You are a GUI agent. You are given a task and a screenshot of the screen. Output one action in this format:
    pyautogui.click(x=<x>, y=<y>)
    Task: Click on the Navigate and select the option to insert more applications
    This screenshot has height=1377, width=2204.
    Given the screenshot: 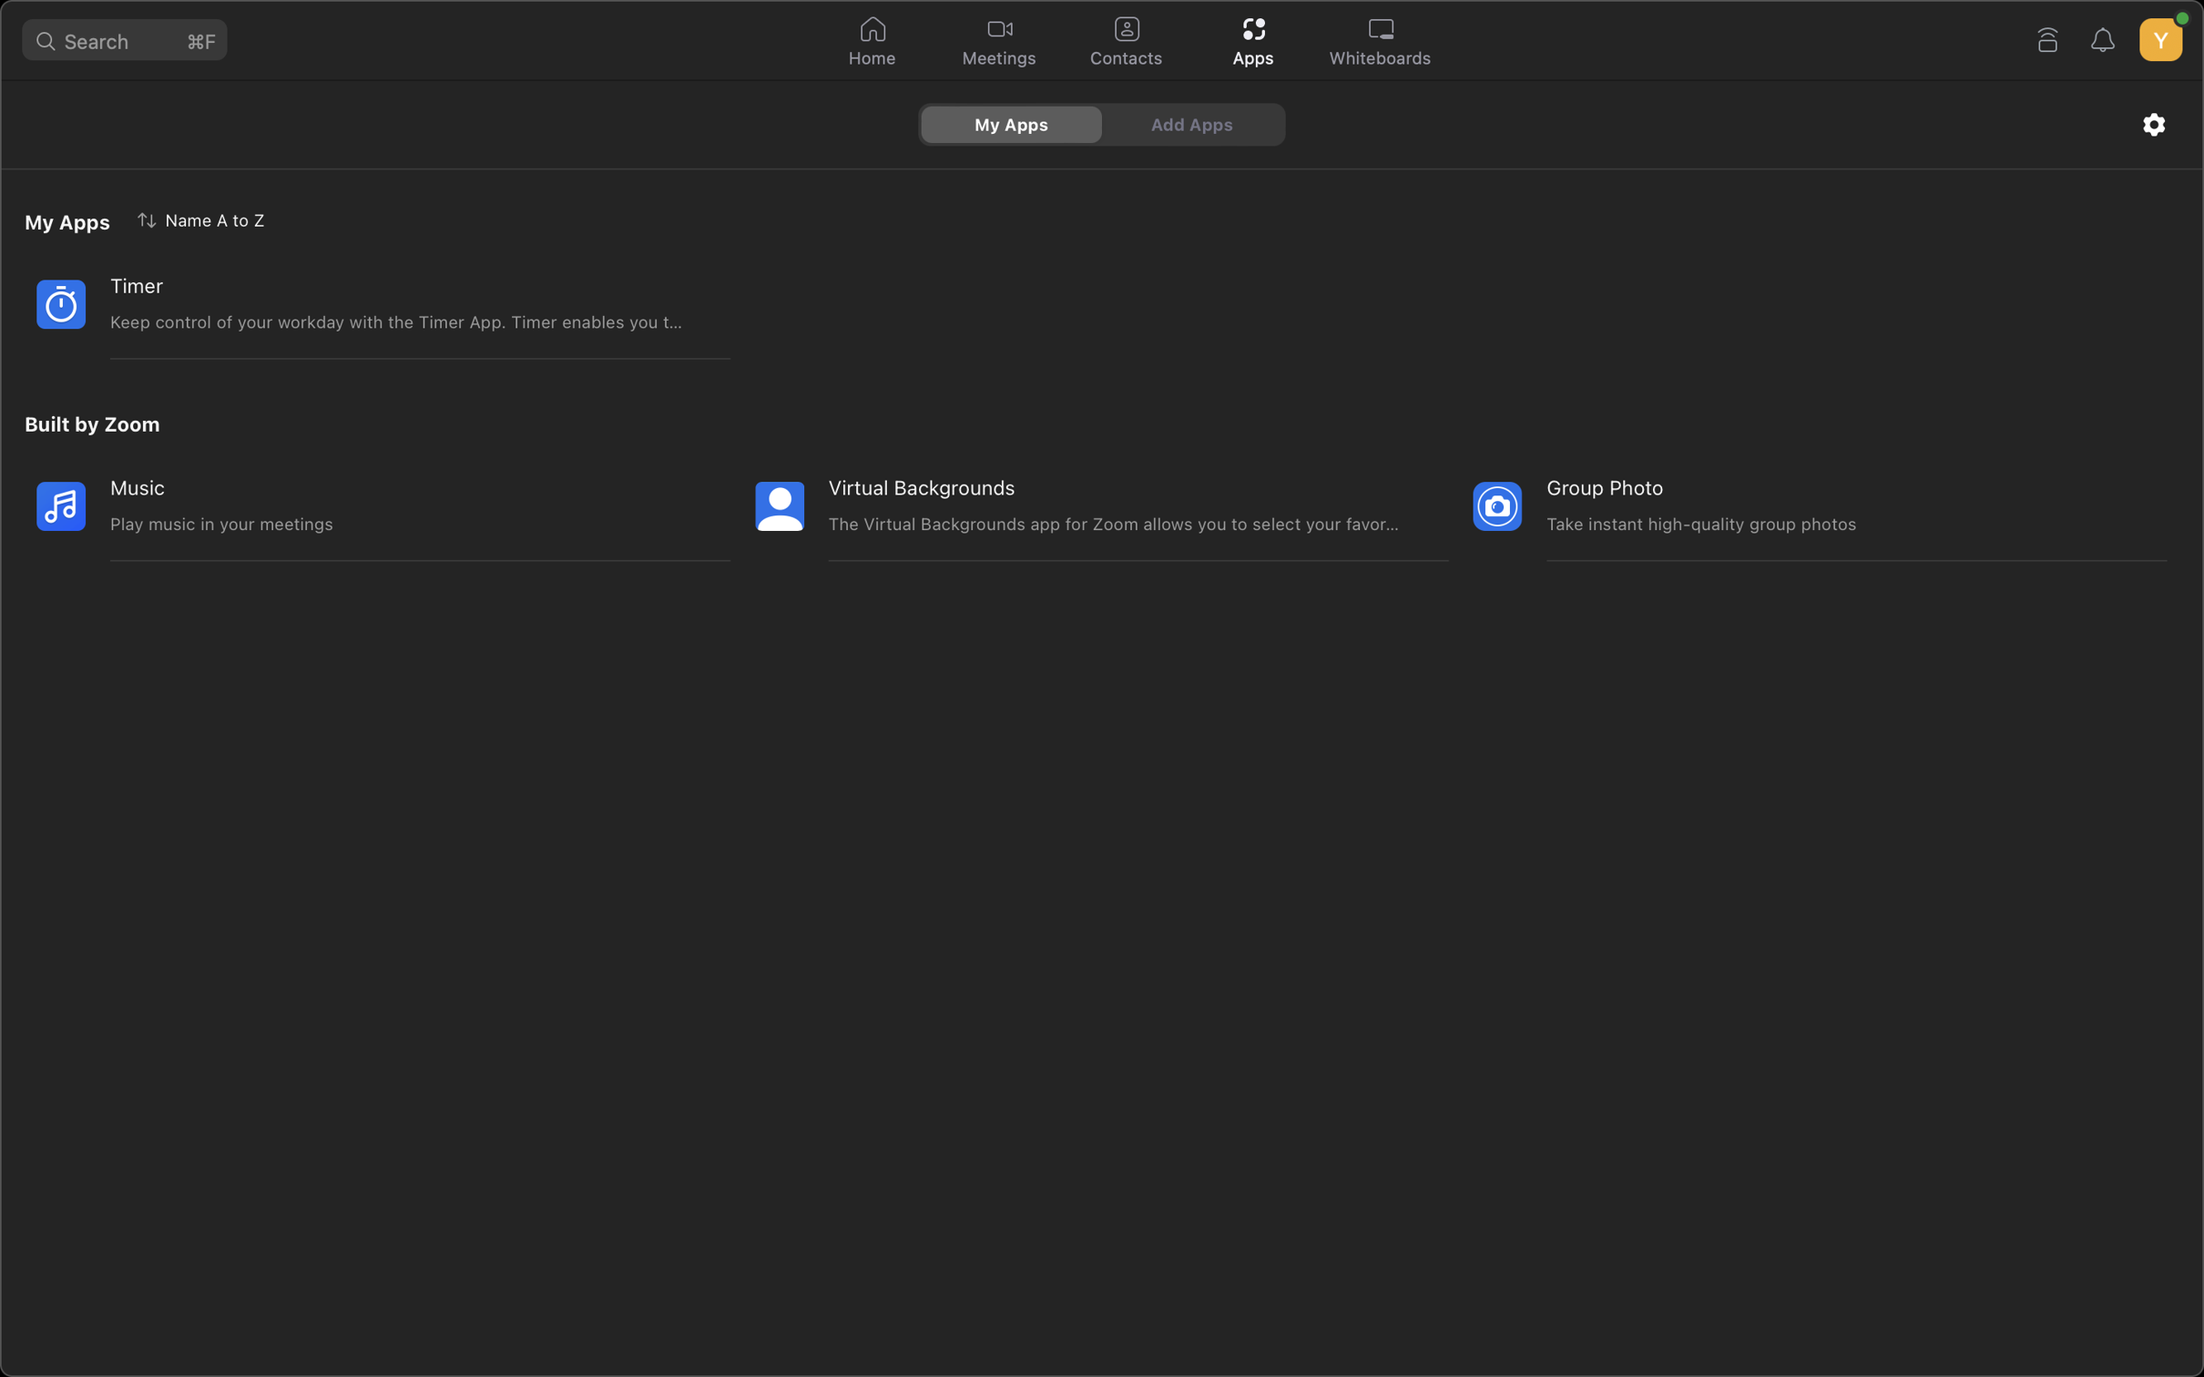 What is the action you would take?
    pyautogui.click(x=1194, y=123)
    